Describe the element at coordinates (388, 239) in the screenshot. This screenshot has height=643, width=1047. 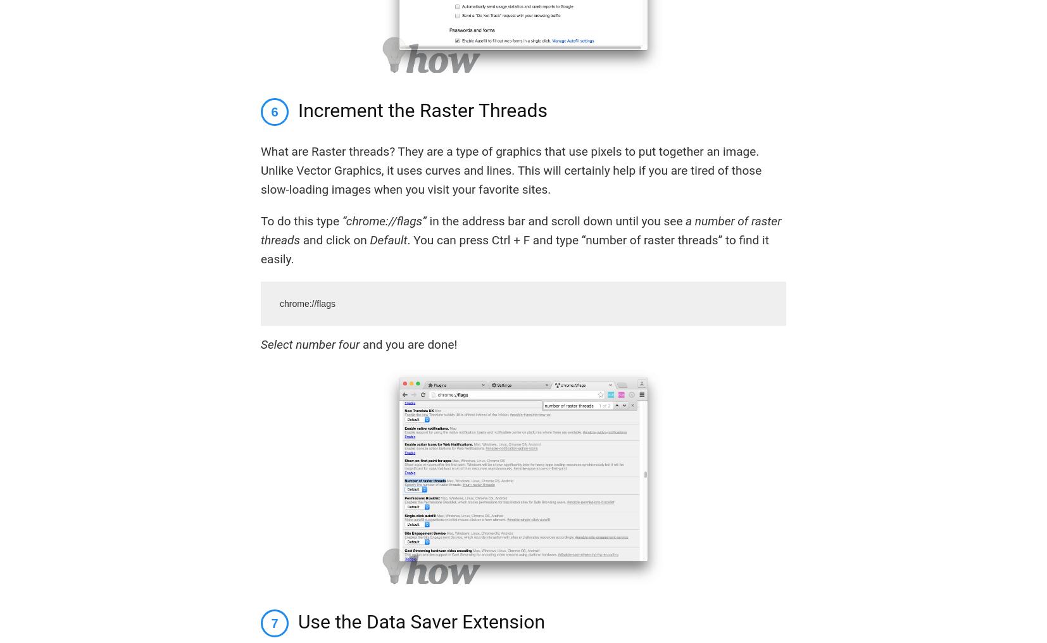
I see `'Default'` at that location.